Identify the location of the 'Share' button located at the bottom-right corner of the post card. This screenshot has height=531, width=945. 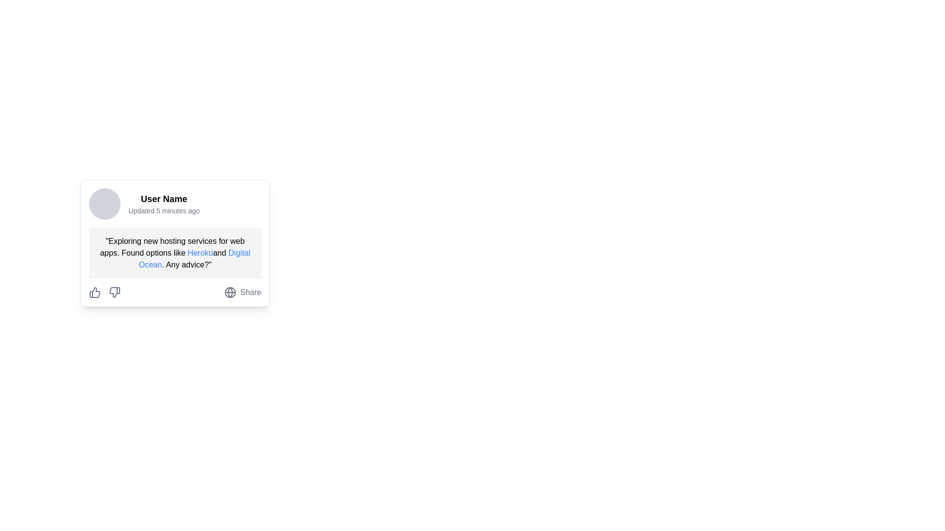
(251, 292).